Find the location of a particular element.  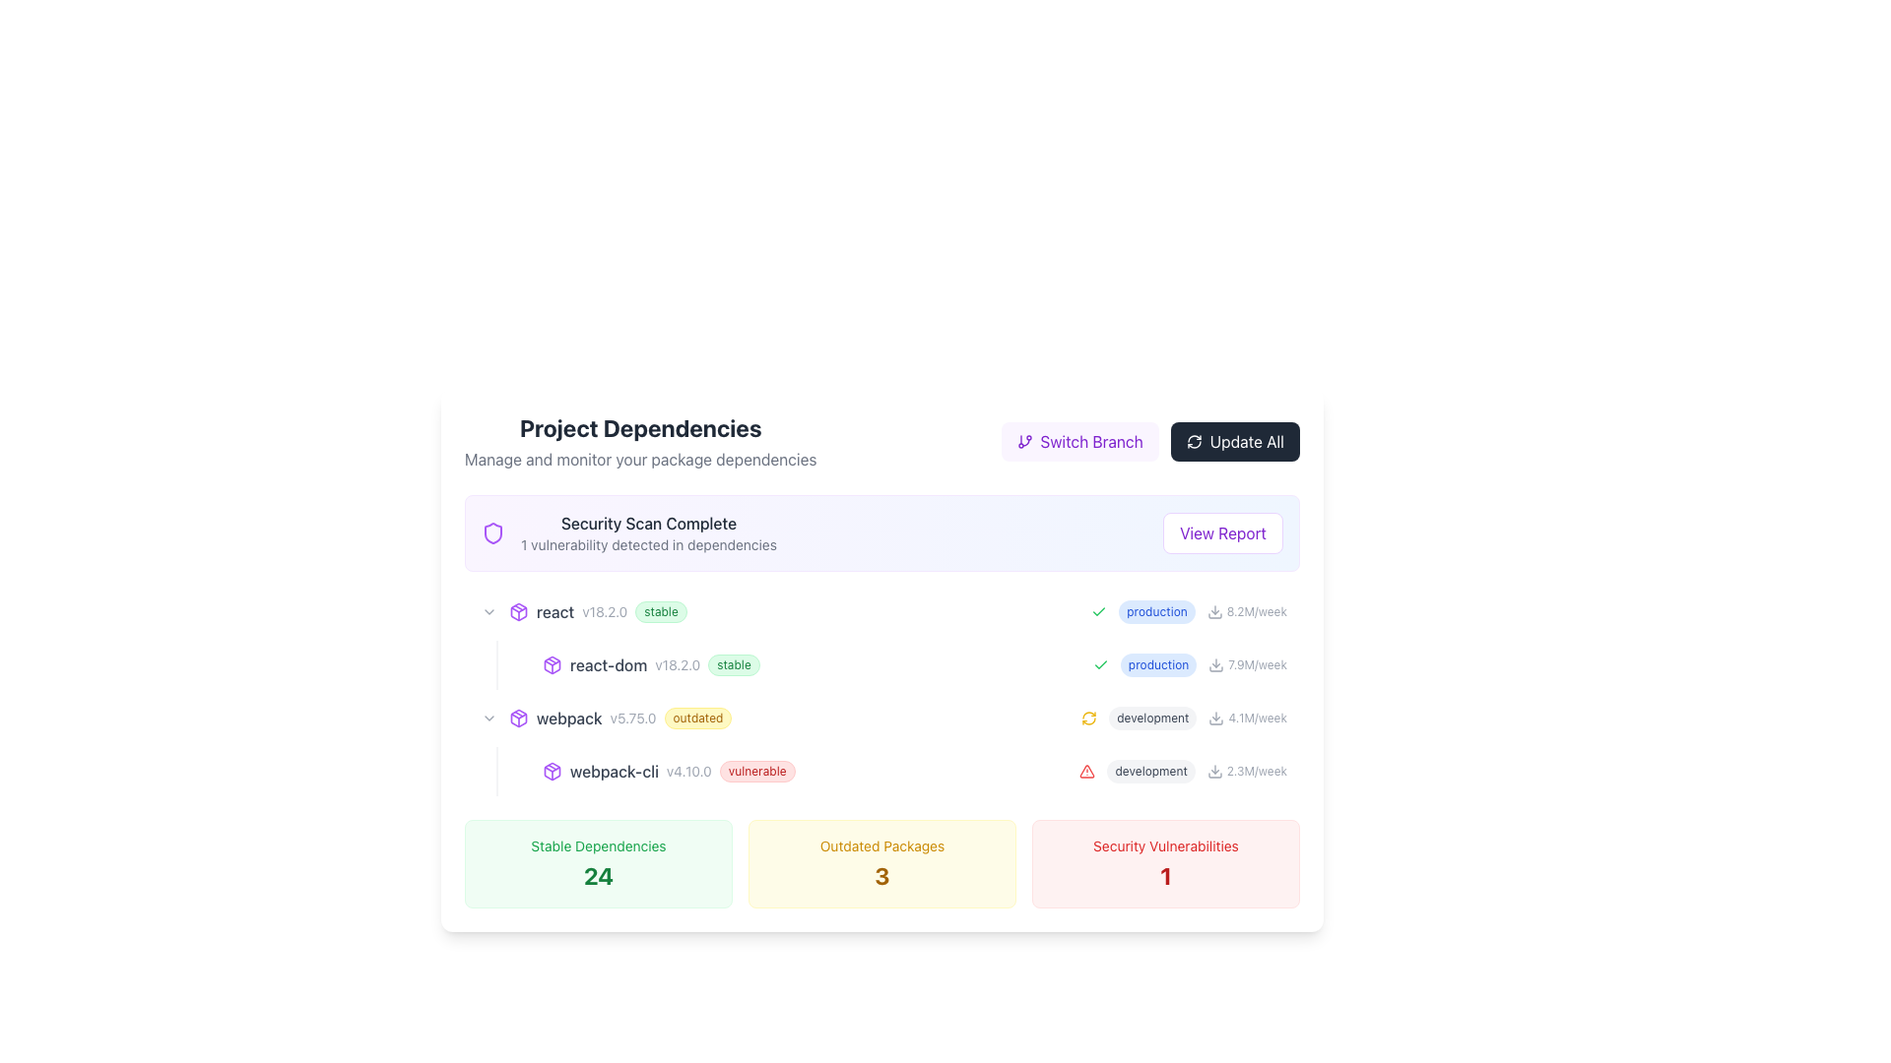

the purple shield icon with a circular design, located under the 'Security Scan Complete' heading is located at coordinates (492, 533).